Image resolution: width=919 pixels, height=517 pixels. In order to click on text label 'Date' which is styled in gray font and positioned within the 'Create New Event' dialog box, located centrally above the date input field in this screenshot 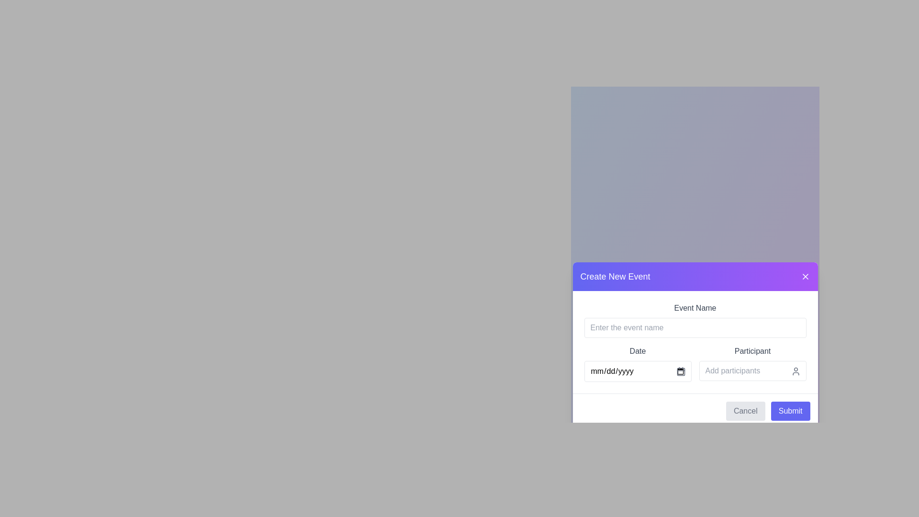, I will do `click(638, 351)`.